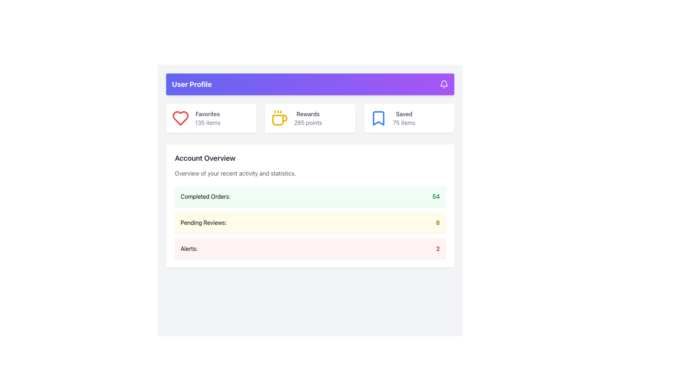 The width and height of the screenshot is (695, 391). What do you see at coordinates (438, 248) in the screenshot?
I see `the static text displaying the numeral '2' in a bold red font, located in the 'Alerts:' row of the 'Account Overview' panel` at bounding box center [438, 248].